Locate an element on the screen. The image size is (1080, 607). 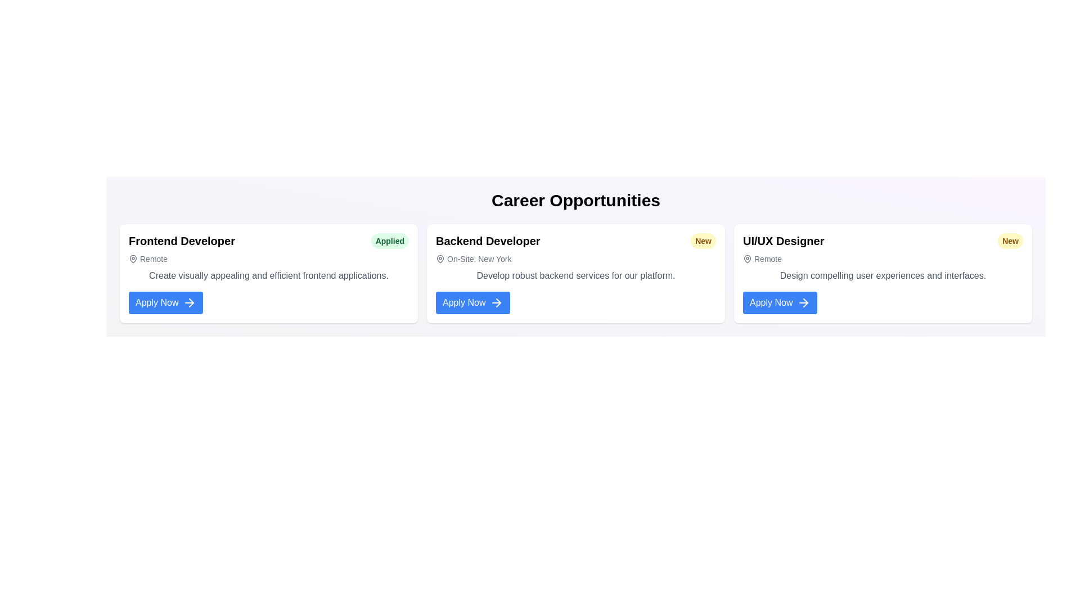
the Descriptive Label with Badge that displays 'Backend Developer' in bold text with a yellow badge labeled 'New' on the right is located at coordinates (575, 240).